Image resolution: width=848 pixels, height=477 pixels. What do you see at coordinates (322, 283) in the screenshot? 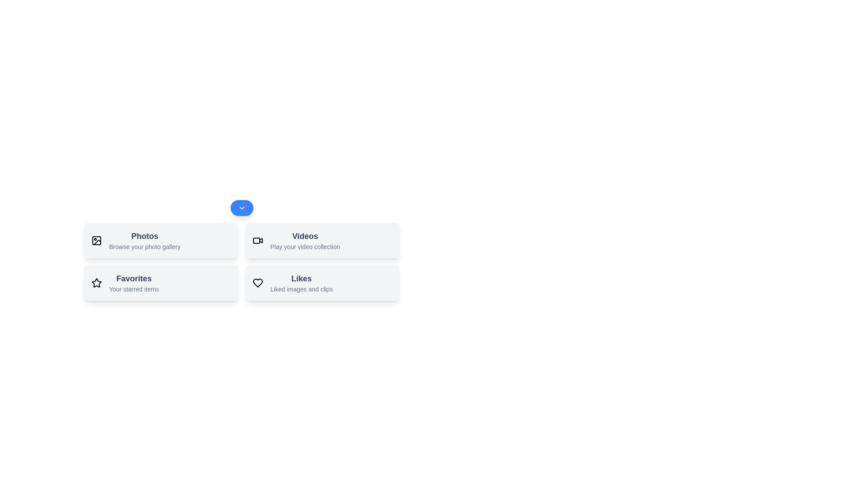
I see `the action button labeled 'Likes' to observe its visual effects` at bounding box center [322, 283].